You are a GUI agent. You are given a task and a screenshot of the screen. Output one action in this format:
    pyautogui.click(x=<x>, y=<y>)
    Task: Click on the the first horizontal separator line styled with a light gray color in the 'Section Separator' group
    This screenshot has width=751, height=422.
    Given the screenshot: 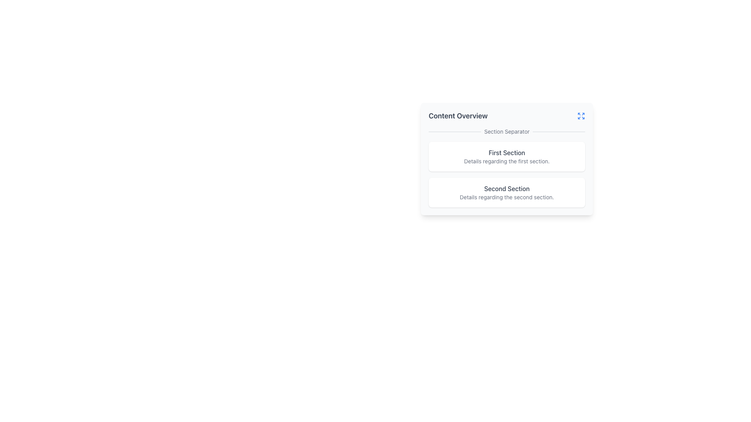 What is the action you would take?
    pyautogui.click(x=455, y=131)
    